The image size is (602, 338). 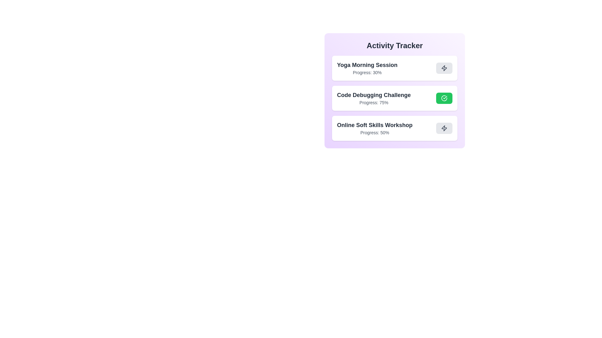 What do you see at coordinates (444, 128) in the screenshot?
I see `the activity associated with the Online Soft Skills Workshop button` at bounding box center [444, 128].